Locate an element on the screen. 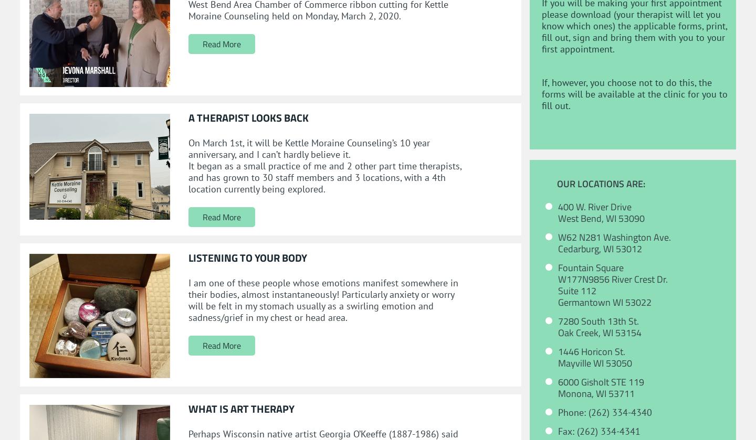 This screenshot has width=756, height=440. 'Fax: (262) 334-4341' is located at coordinates (558, 431).